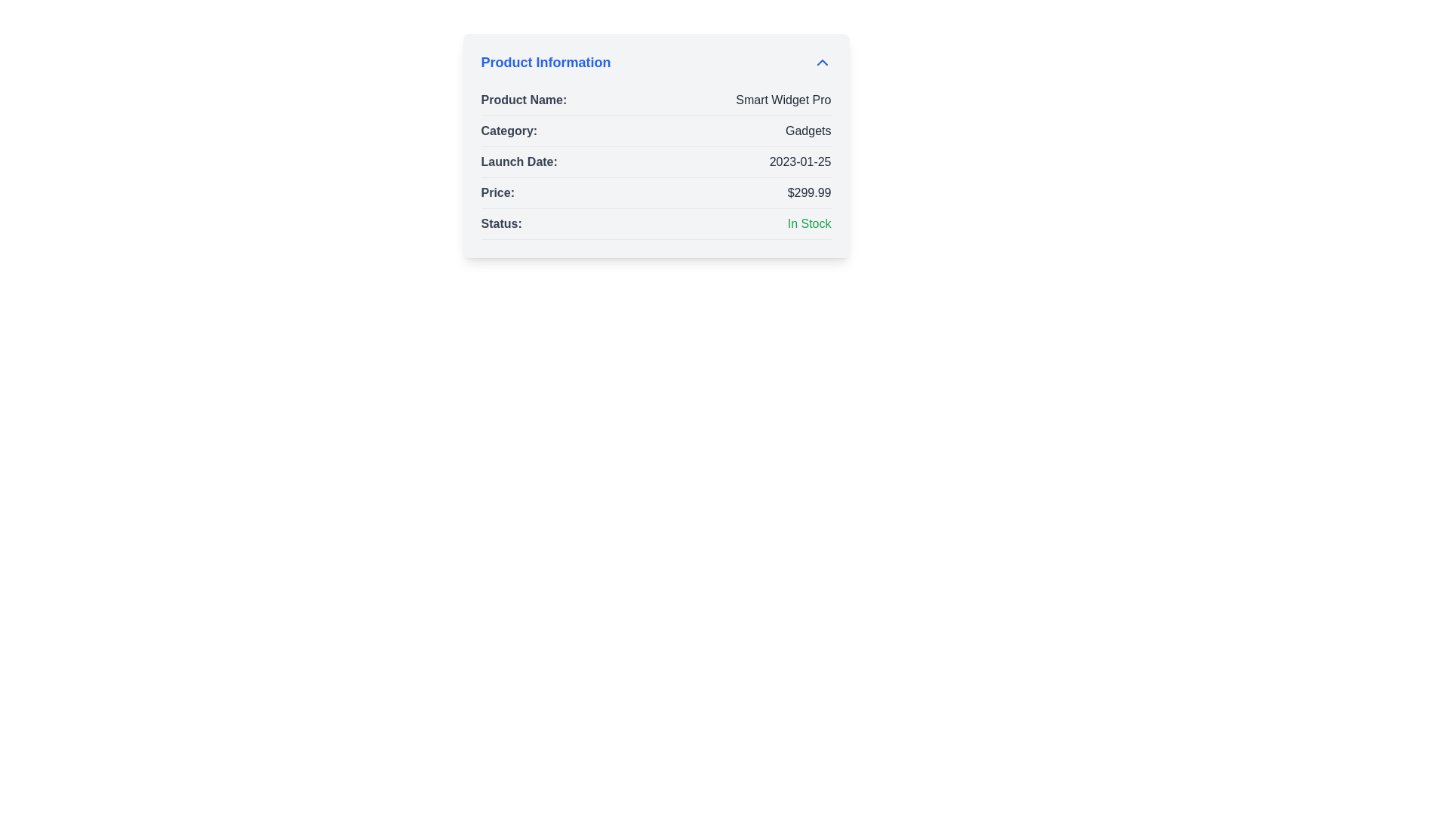  What do you see at coordinates (783, 100) in the screenshot?
I see `the text label displaying 'Smart Widget Pro', which is styled with dark gray text and is positioned to the right of the 'Product Name:' label in the product information panel` at bounding box center [783, 100].